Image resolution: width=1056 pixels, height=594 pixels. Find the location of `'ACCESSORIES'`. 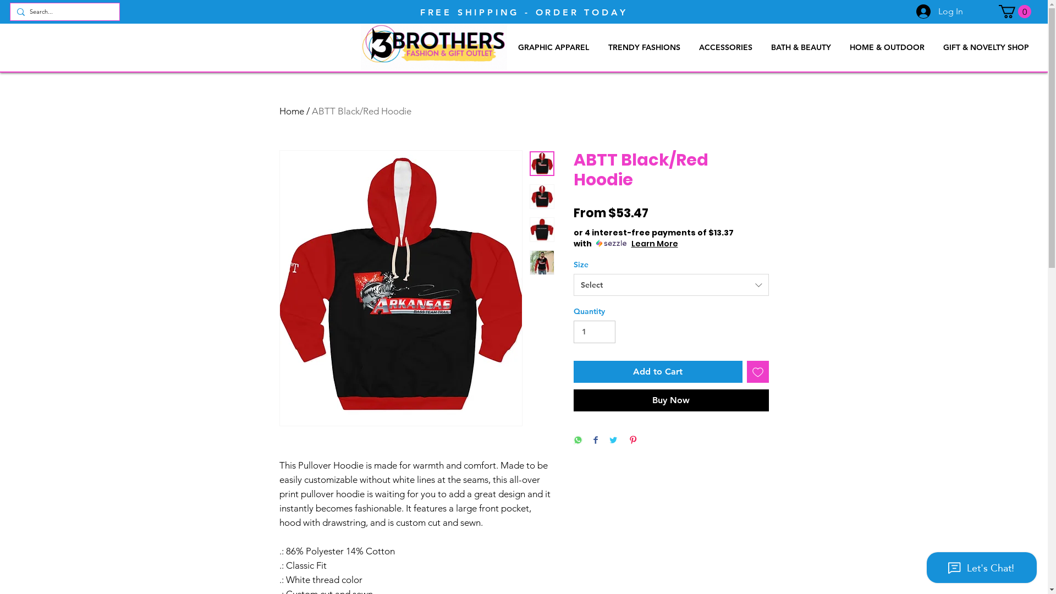

'ACCESSORIES' is located at coordinates (725, 46).